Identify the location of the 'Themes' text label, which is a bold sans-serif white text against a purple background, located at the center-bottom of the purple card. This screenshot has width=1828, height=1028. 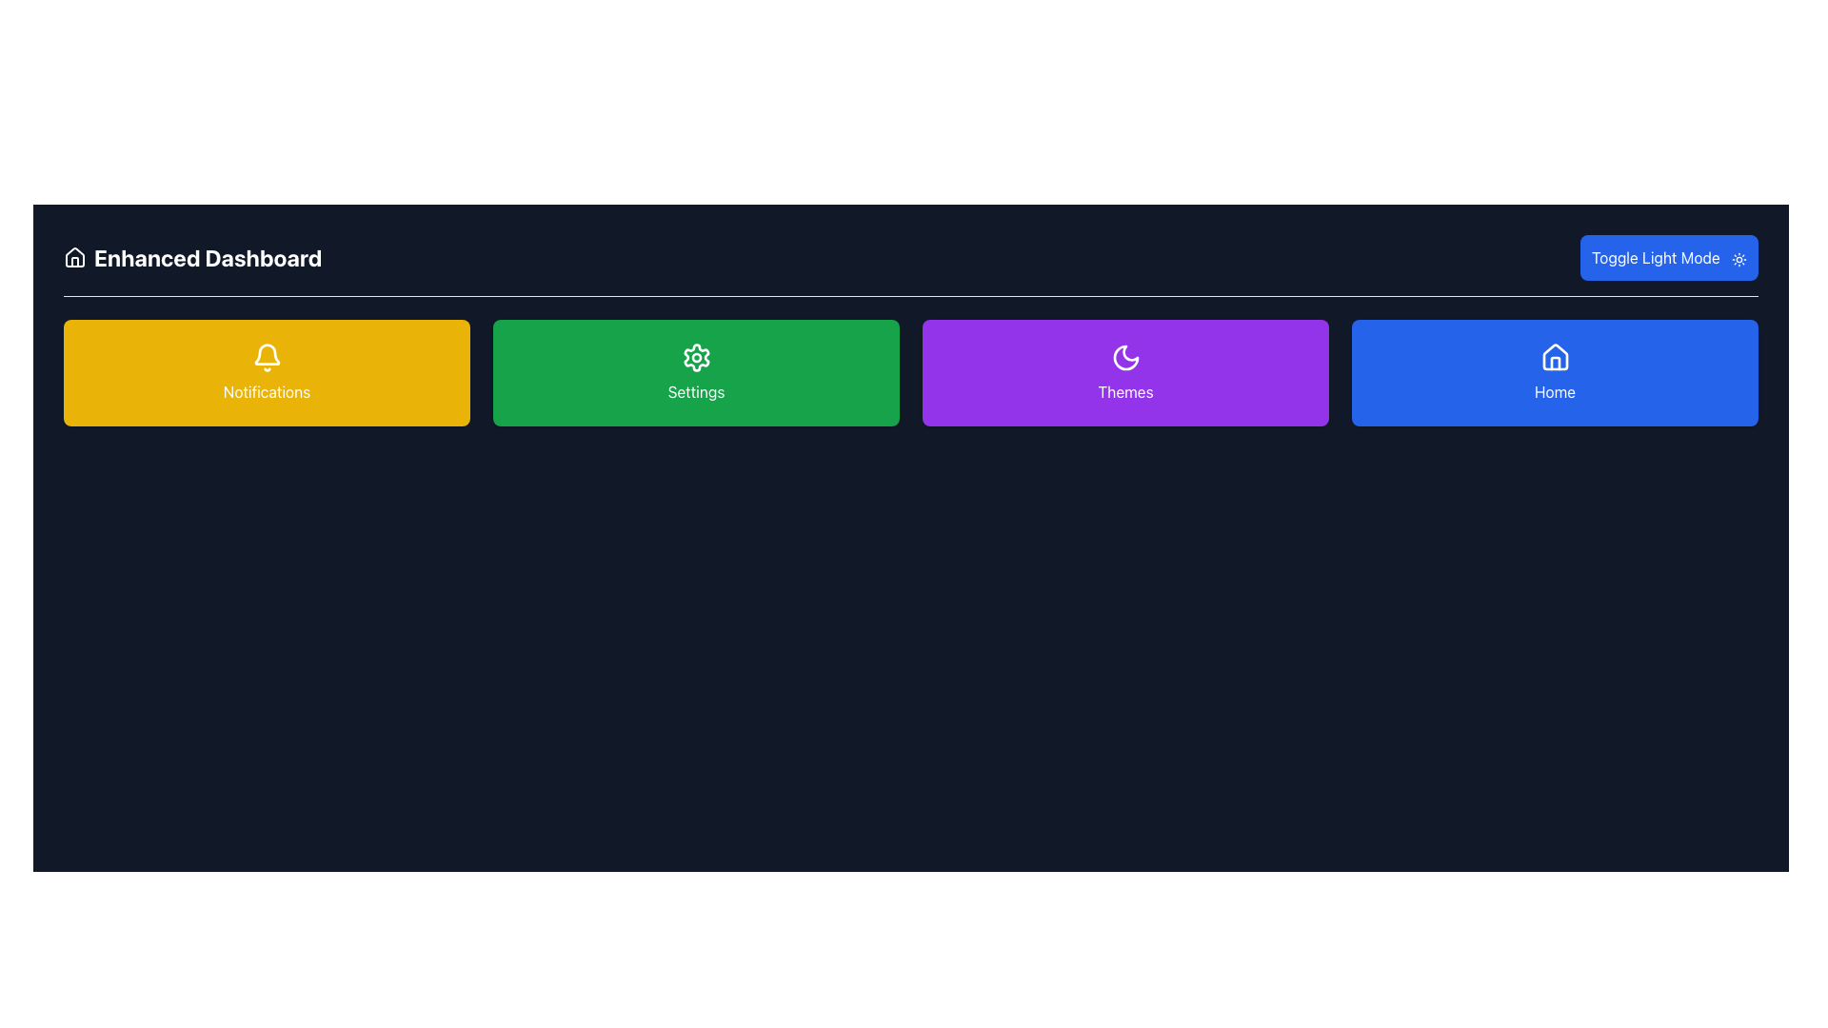
(1125, 391).